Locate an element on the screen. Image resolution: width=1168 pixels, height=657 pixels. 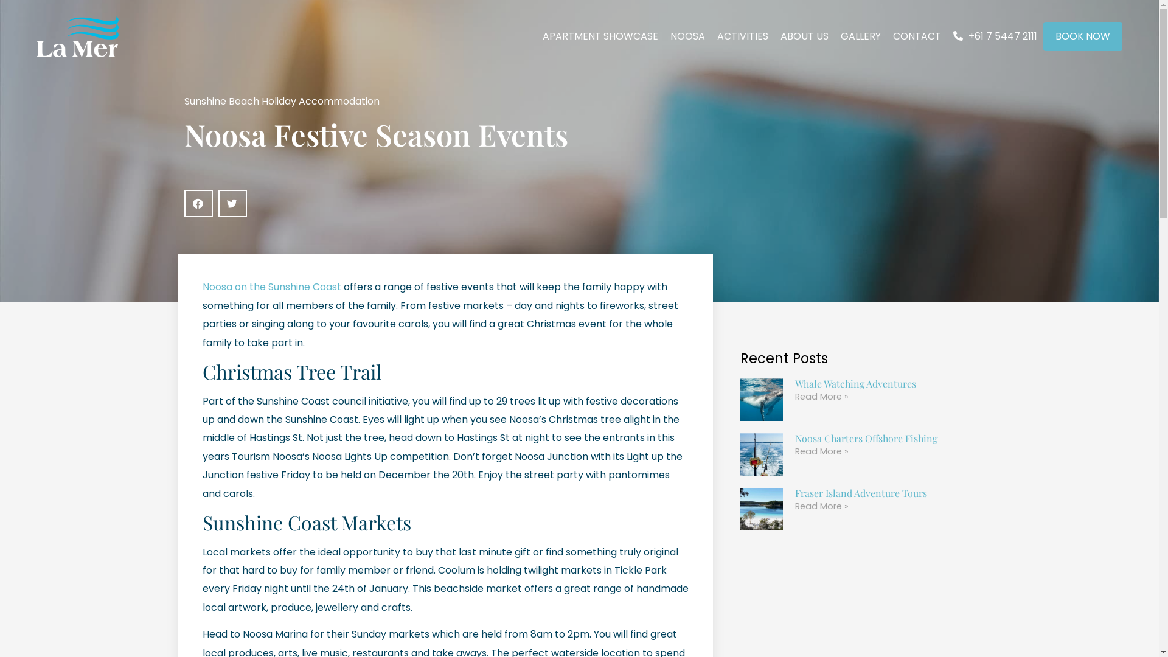
'CONTACT' is located at coordinates (917, 36).